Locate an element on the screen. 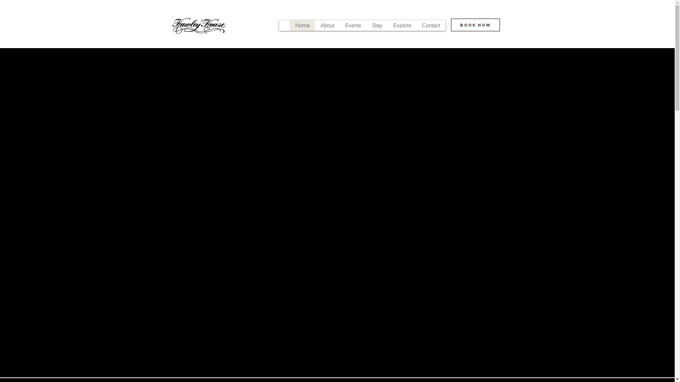  'Home' is located at coordinates (302, 25).